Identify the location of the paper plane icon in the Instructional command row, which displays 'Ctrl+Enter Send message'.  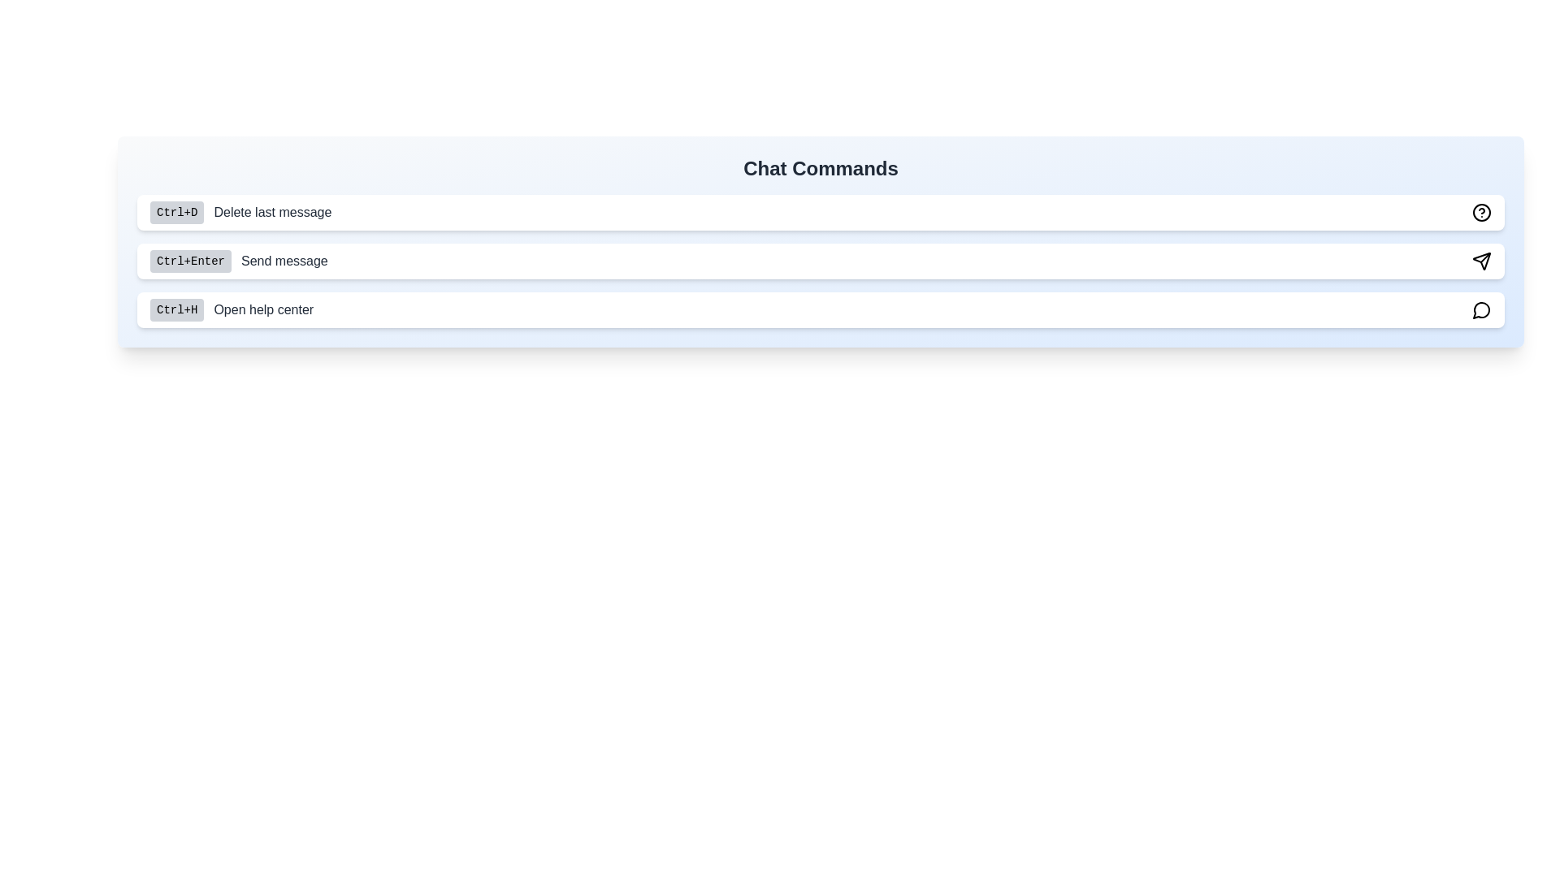
(821, 260).